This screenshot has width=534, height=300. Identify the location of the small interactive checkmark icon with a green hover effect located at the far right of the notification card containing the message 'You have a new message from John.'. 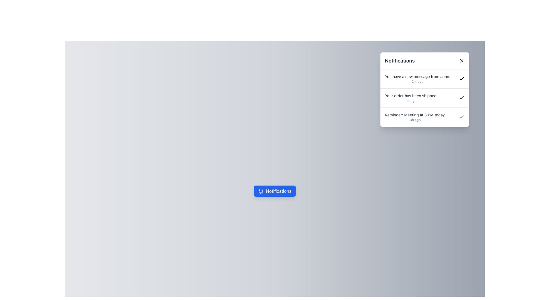
(462, 79).